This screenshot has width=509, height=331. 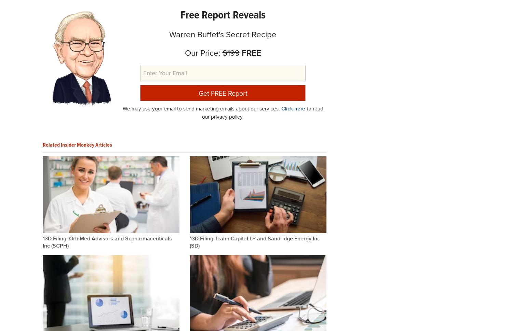 What do you see at coordinates (241, 52) in the screenshot?
I see `'FREE'` at bounding box center [241, 52].